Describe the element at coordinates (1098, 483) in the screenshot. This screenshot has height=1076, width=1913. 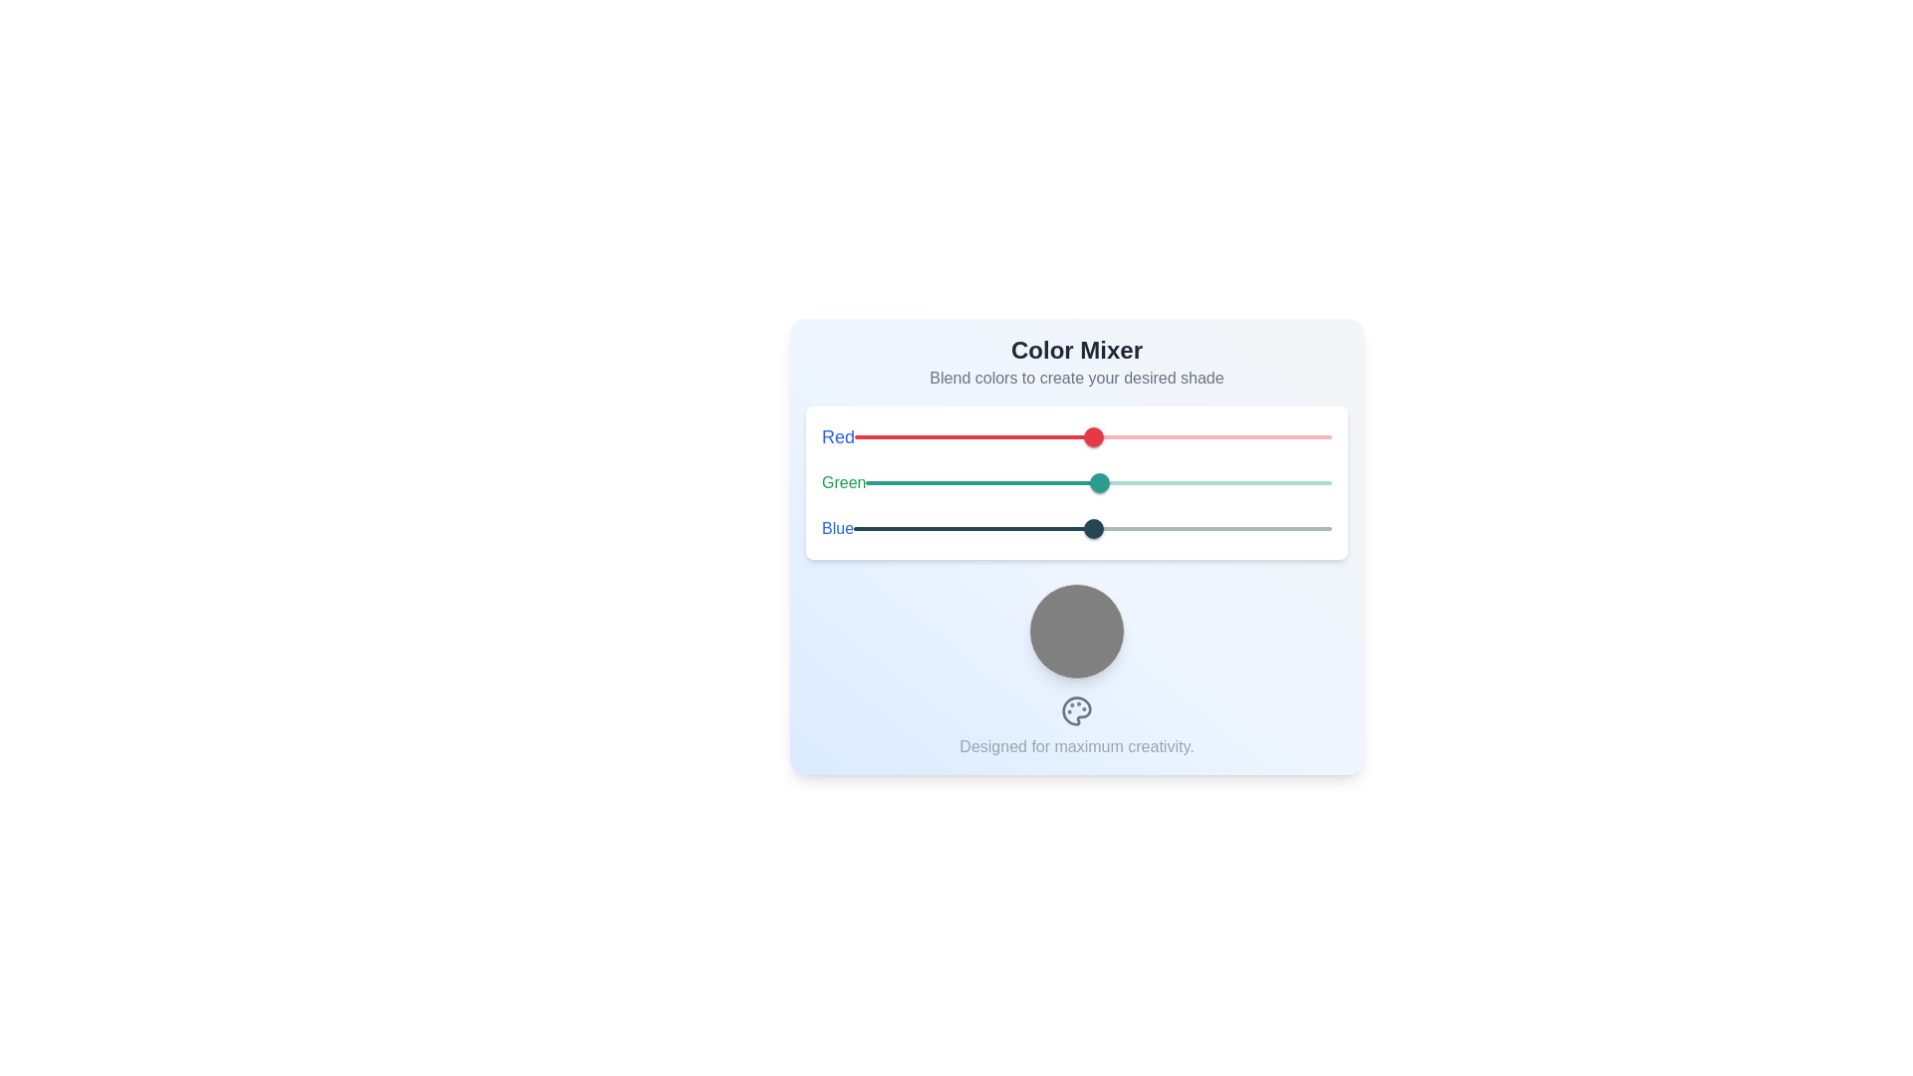
I see `the green slider track to set its value, which is currently displayed as '128'` at that location.